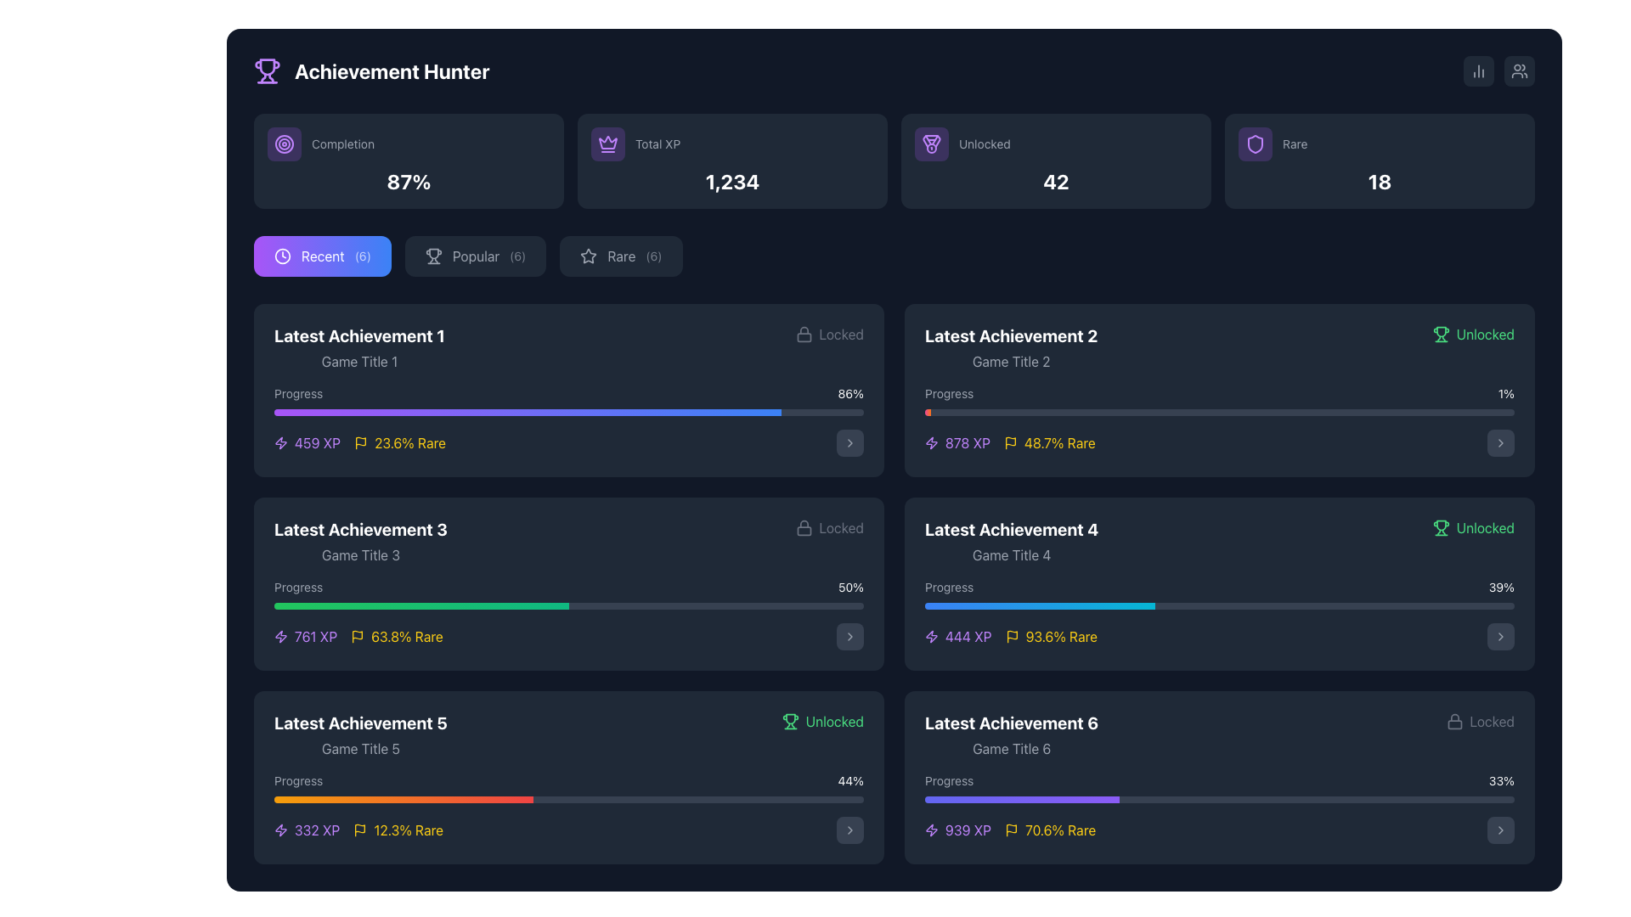 The image size is (1631, 917). What do you see at coordinates (476, 256) in the screenshot?
I see `the 'Popular' category label located in the middle of the horizontal menu, positioned to the right of the 'Recent' menu item` at bounding box center [476, 256].